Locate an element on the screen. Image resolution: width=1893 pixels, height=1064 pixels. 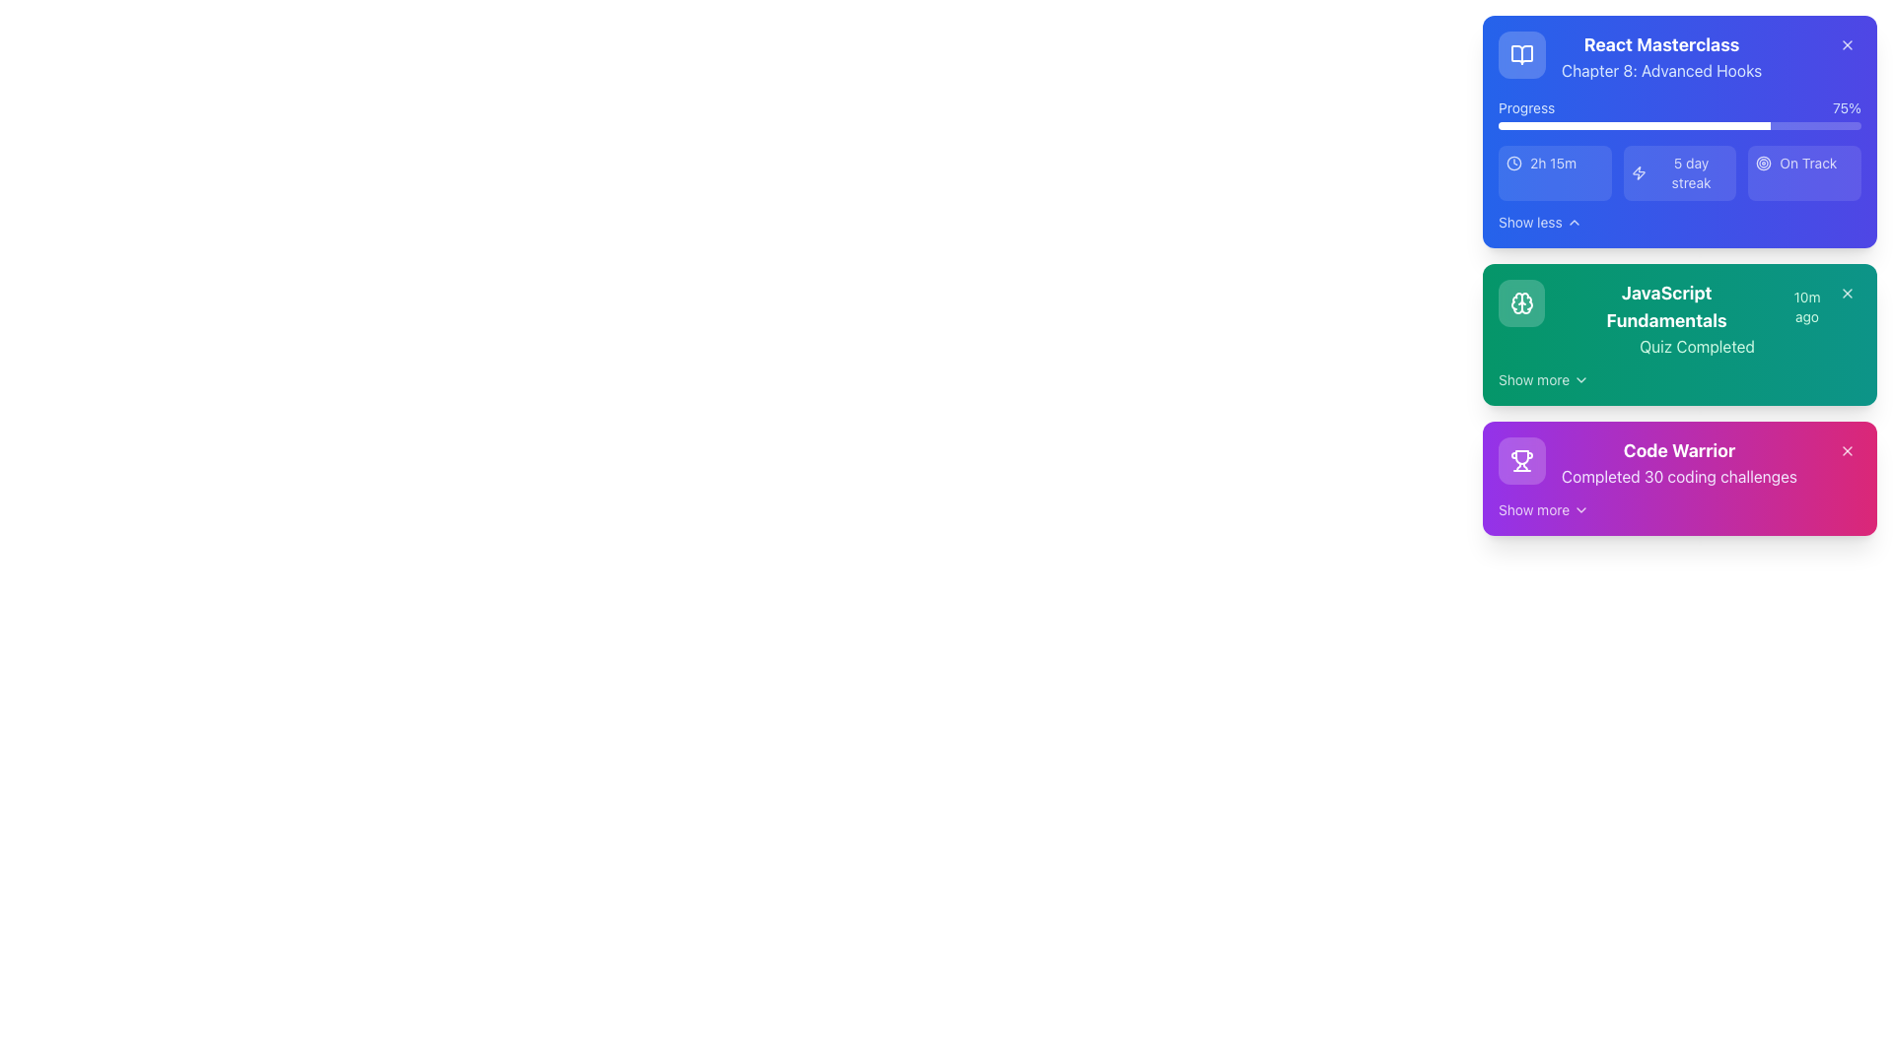
the text label displaying '10m ago', which is located in the upper right section of the JavaScript Fundamentals card, adjacent to the title and above the completion text is located at coordinates (1807, 307).